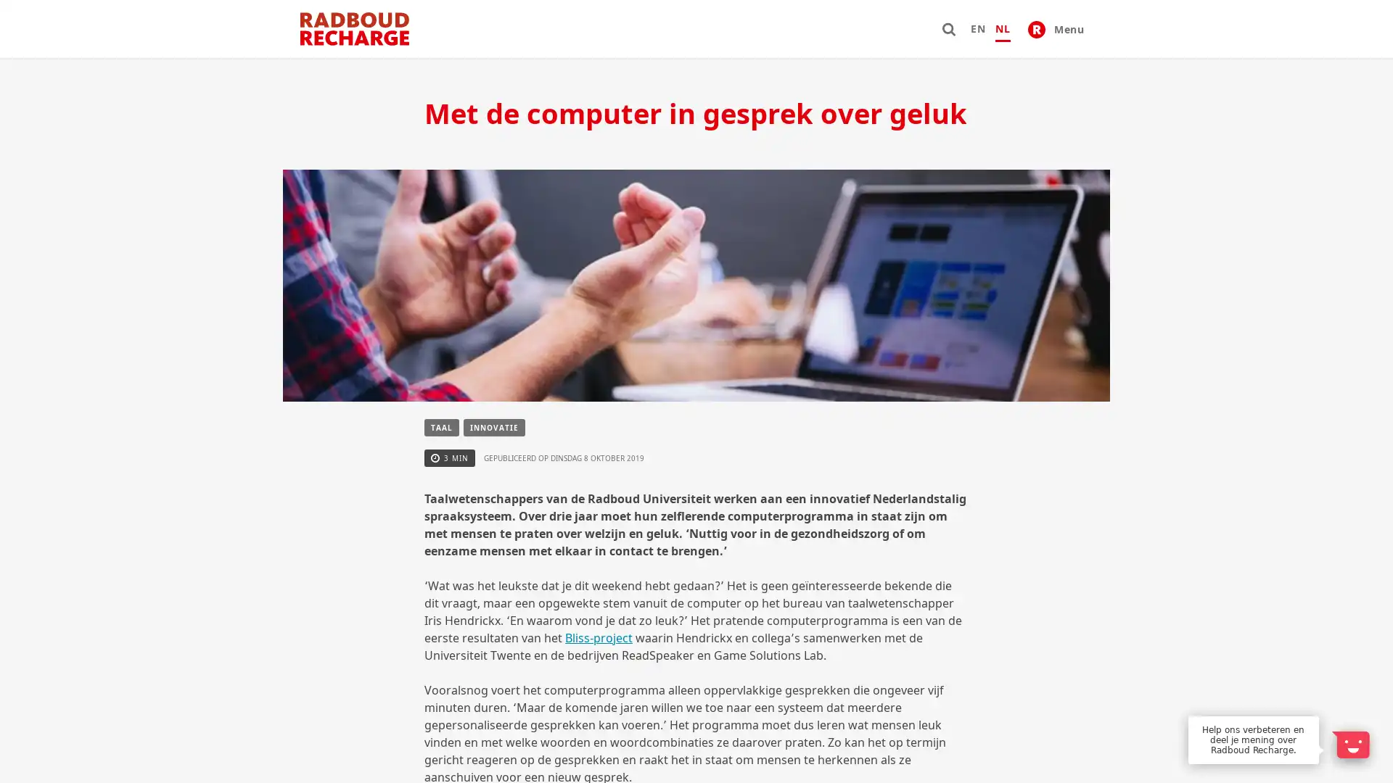  I want to click on Dismiss Message, so click(1317, 716).